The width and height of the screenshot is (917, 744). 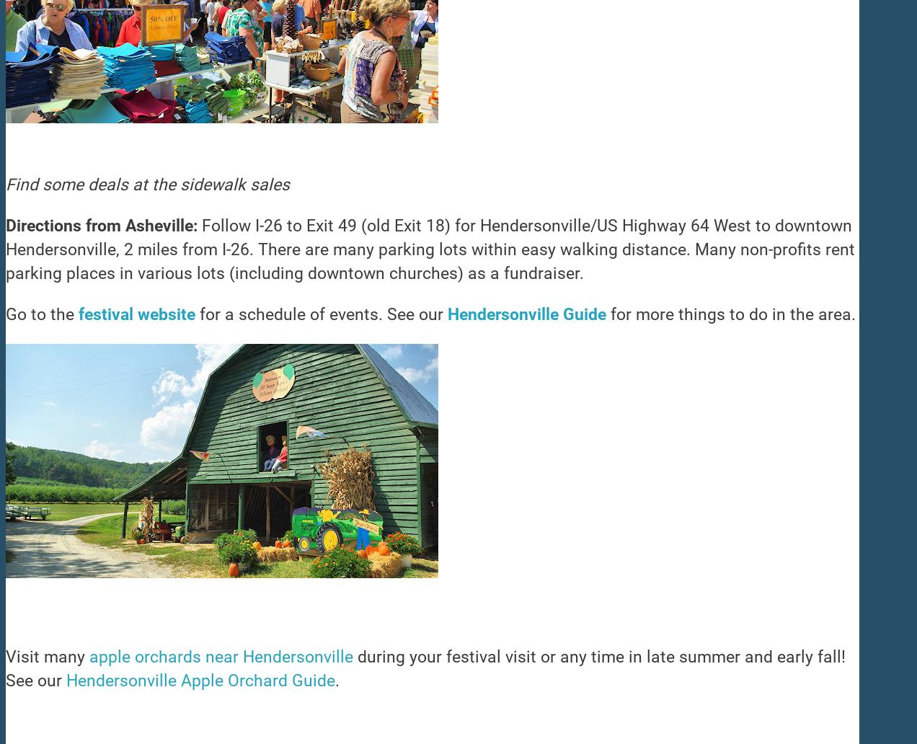 What do you see at coordinates (336, 680) in the screenshot?
I see `'.'` at bounding box center [336, 680].